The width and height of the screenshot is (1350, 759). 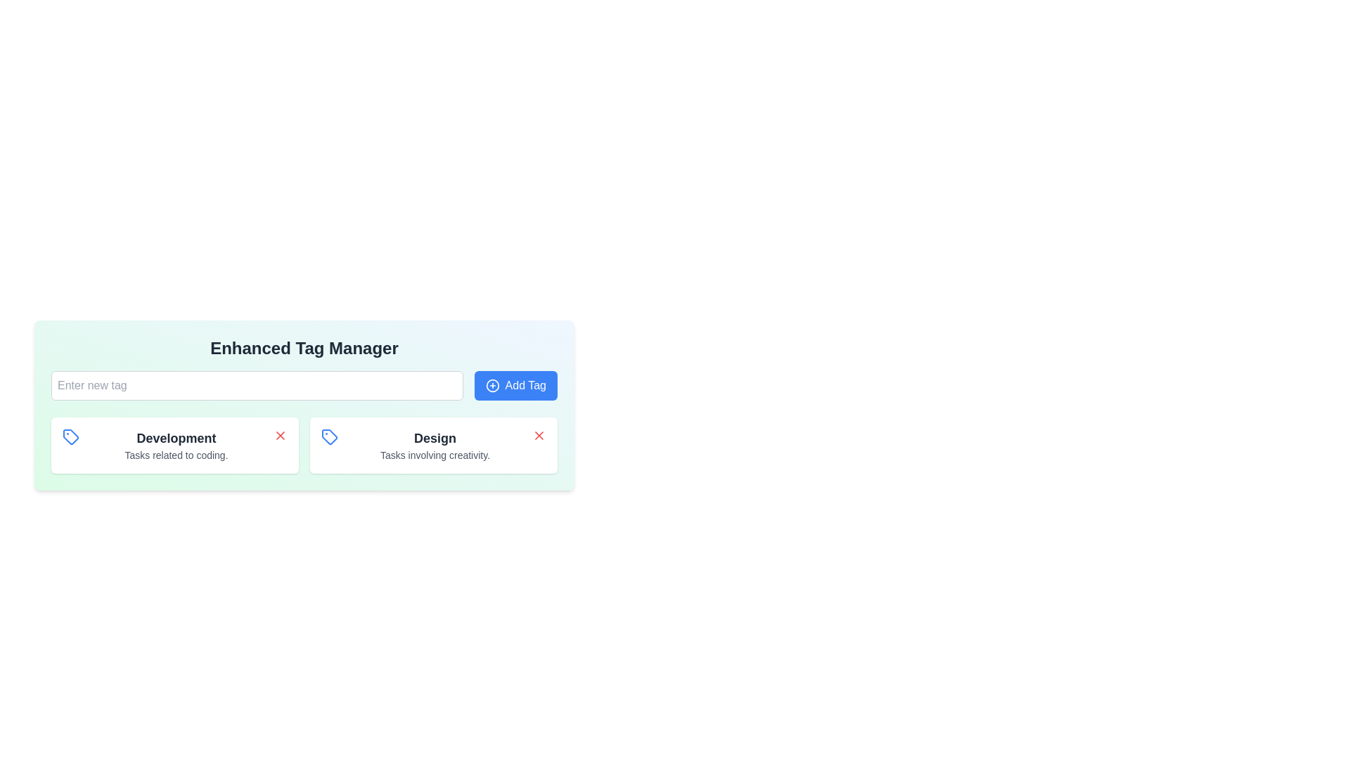 I want to click on the red 'X' icon located at the top-right corner of the second card to initiate a remove/delete action, so click(x=539, y=435).